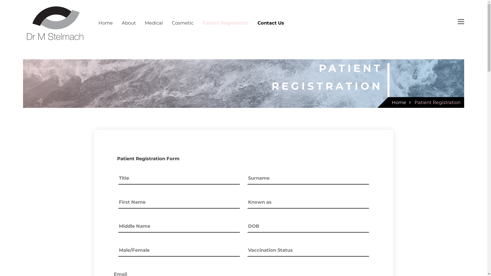  Describe the element at coordinates (437, 102) in the screenshot. I see `'Patient Registration'` at that location.